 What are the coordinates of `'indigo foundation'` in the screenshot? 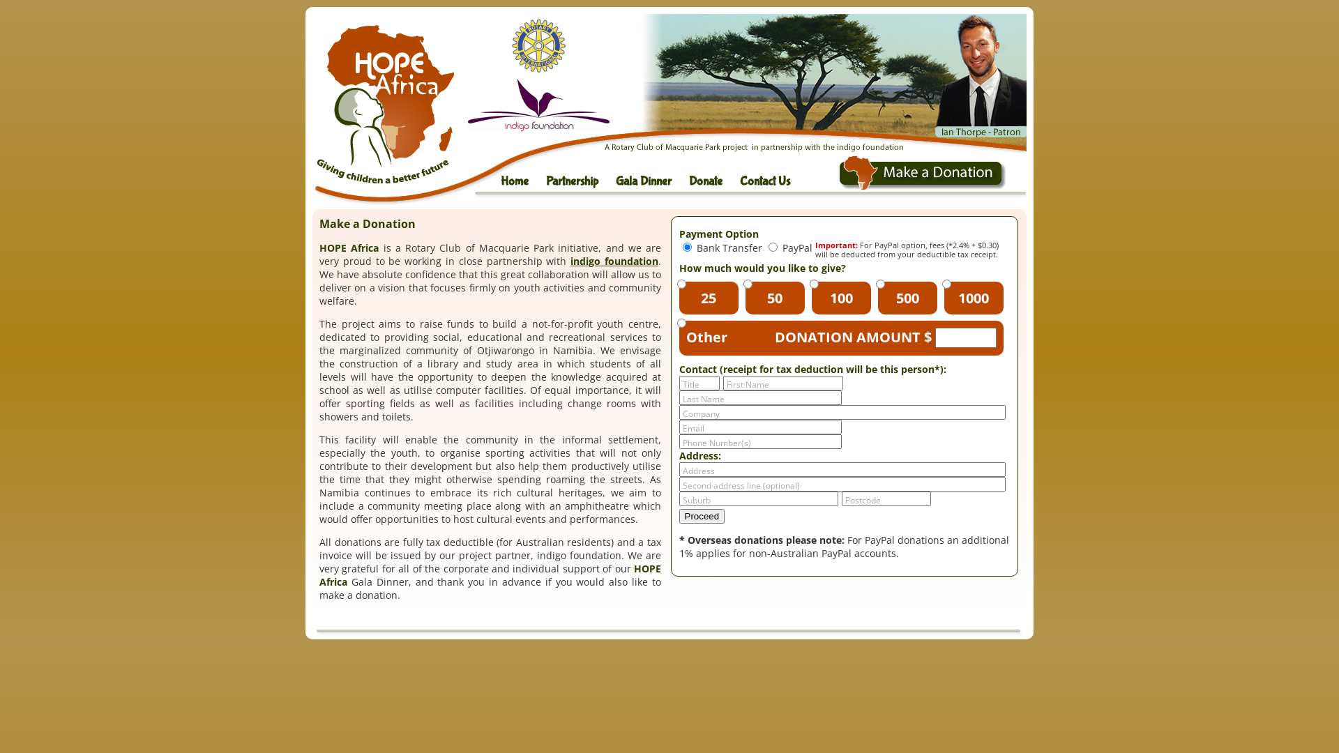 It's located at (614, 261).